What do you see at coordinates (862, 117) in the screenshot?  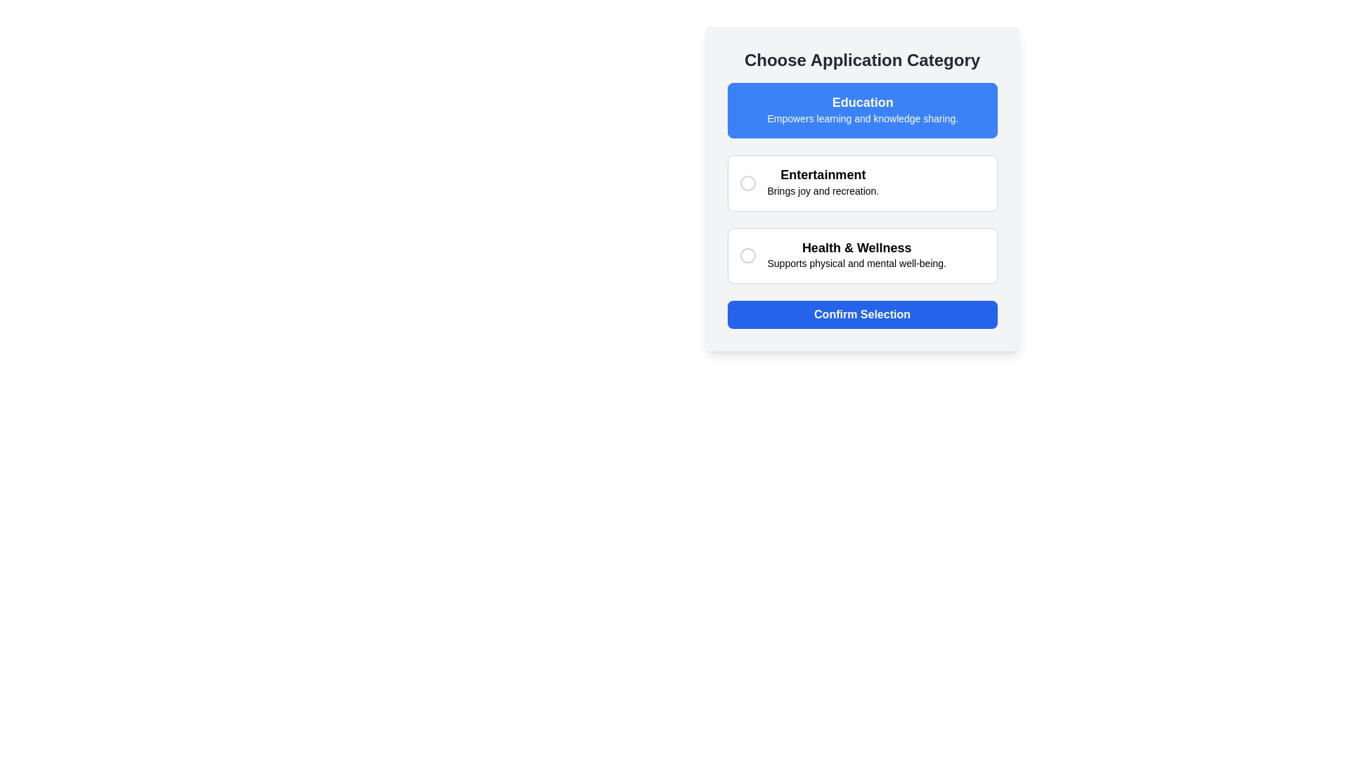 I see `text label that contains 'Empowers learning and knowledge sharing.' located below the bold 'Education' label within the blue background card` at bounding box center [862, 117].